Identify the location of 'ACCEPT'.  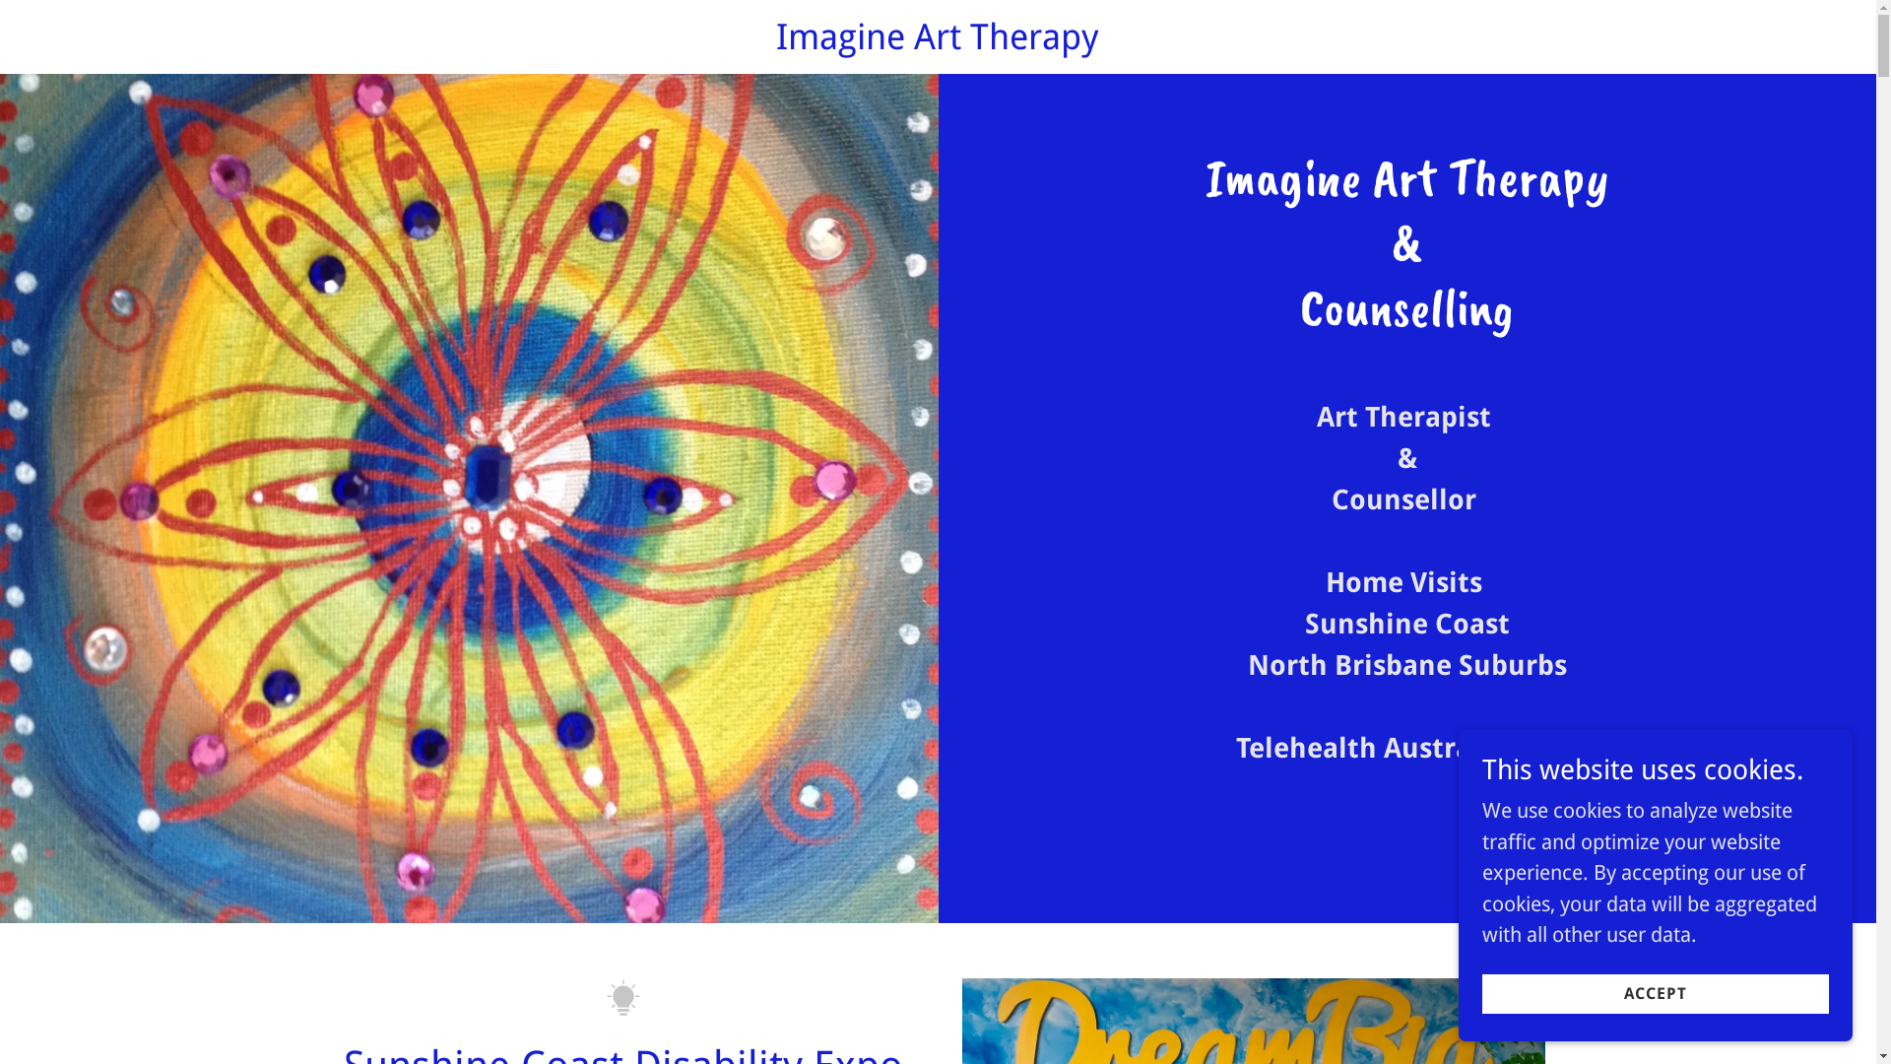
(1655, 992).